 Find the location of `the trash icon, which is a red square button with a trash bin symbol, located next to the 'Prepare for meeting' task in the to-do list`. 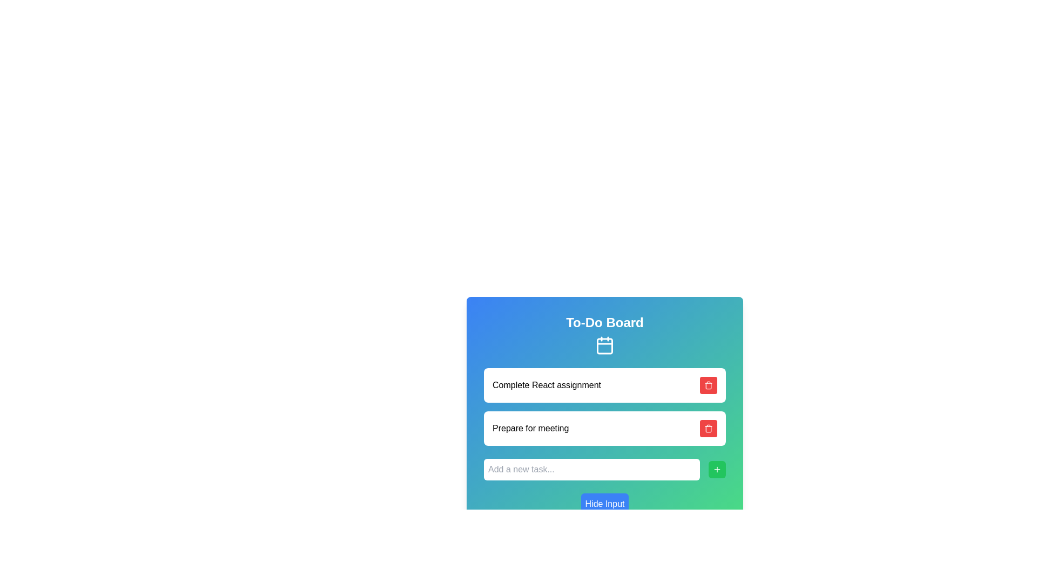

the trash icon, which is a red square button with a trash bin symbol, located next to the 'Prepare for meeting' task in the to-do list is located at coordinates (708, 428).